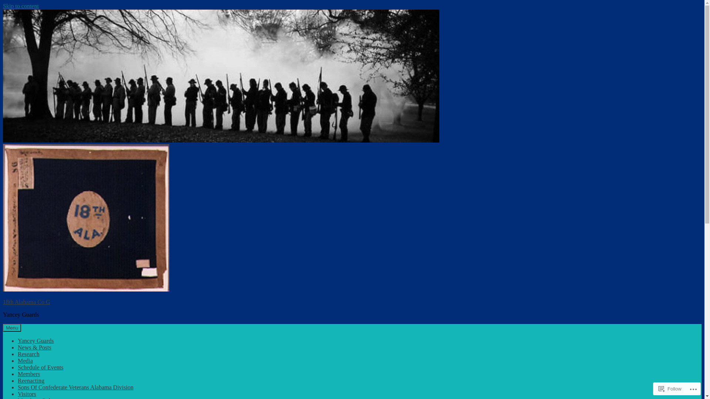  Describe the element at coordinates (28, 374) in the screenshot. I see `'Members'` at that location.